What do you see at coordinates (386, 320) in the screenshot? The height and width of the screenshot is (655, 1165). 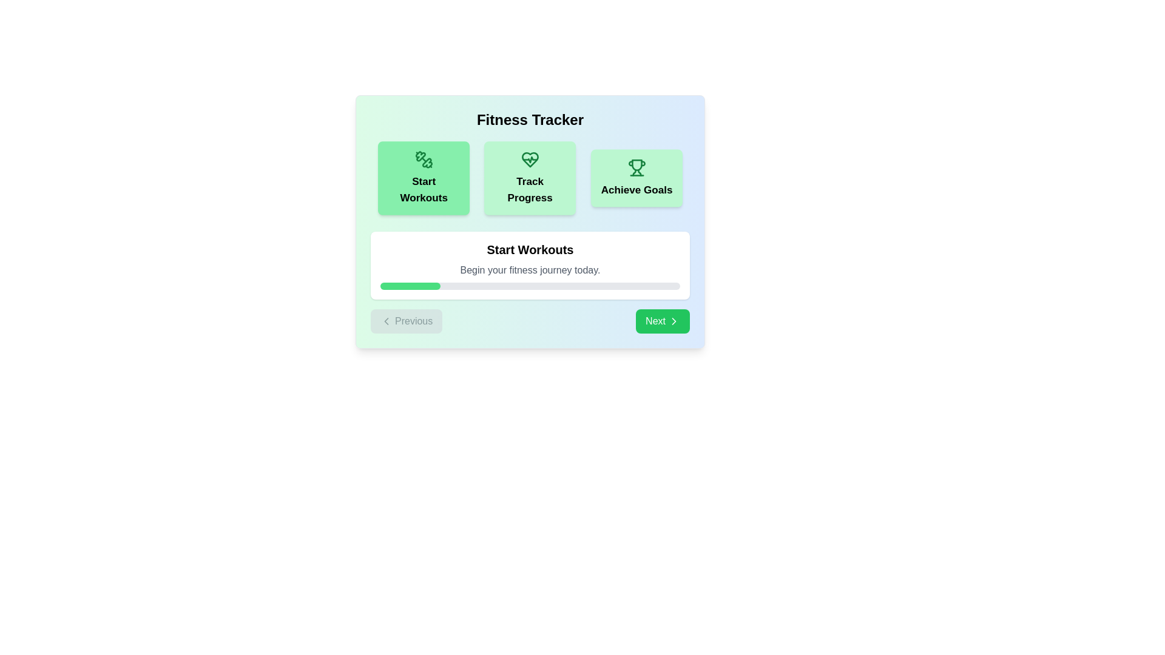 I see `the navigation icon located in the bottom-left area of the main interface` at bounding box center [386, 320].